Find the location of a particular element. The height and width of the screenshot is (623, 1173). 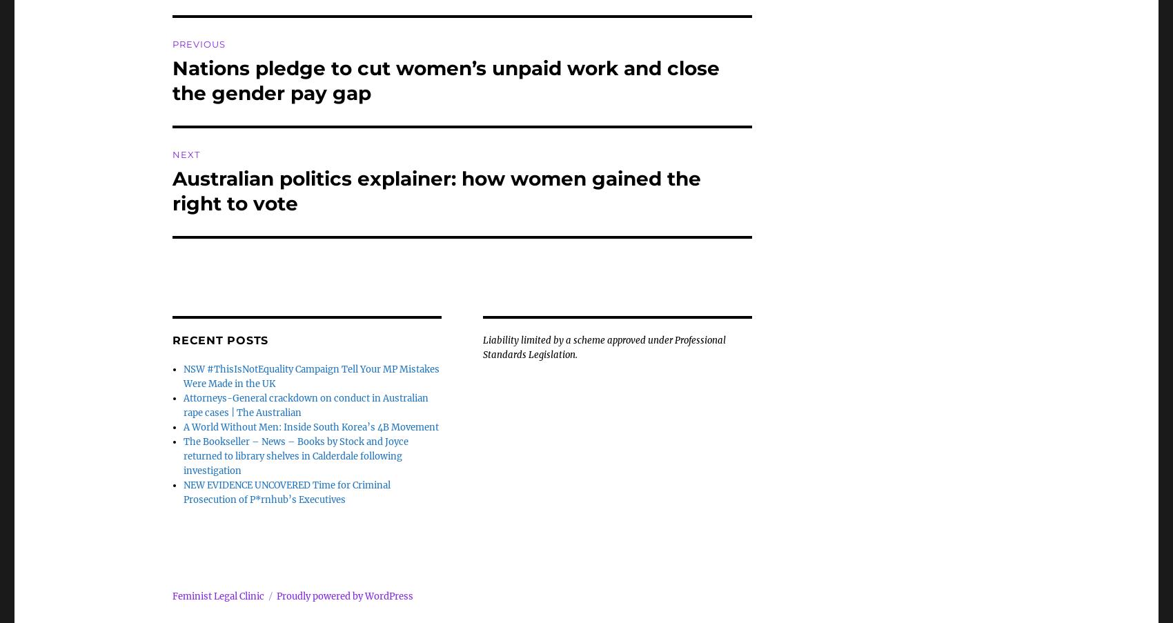

'Feminist Legal Clinic' is located at coordinates (218, 596).